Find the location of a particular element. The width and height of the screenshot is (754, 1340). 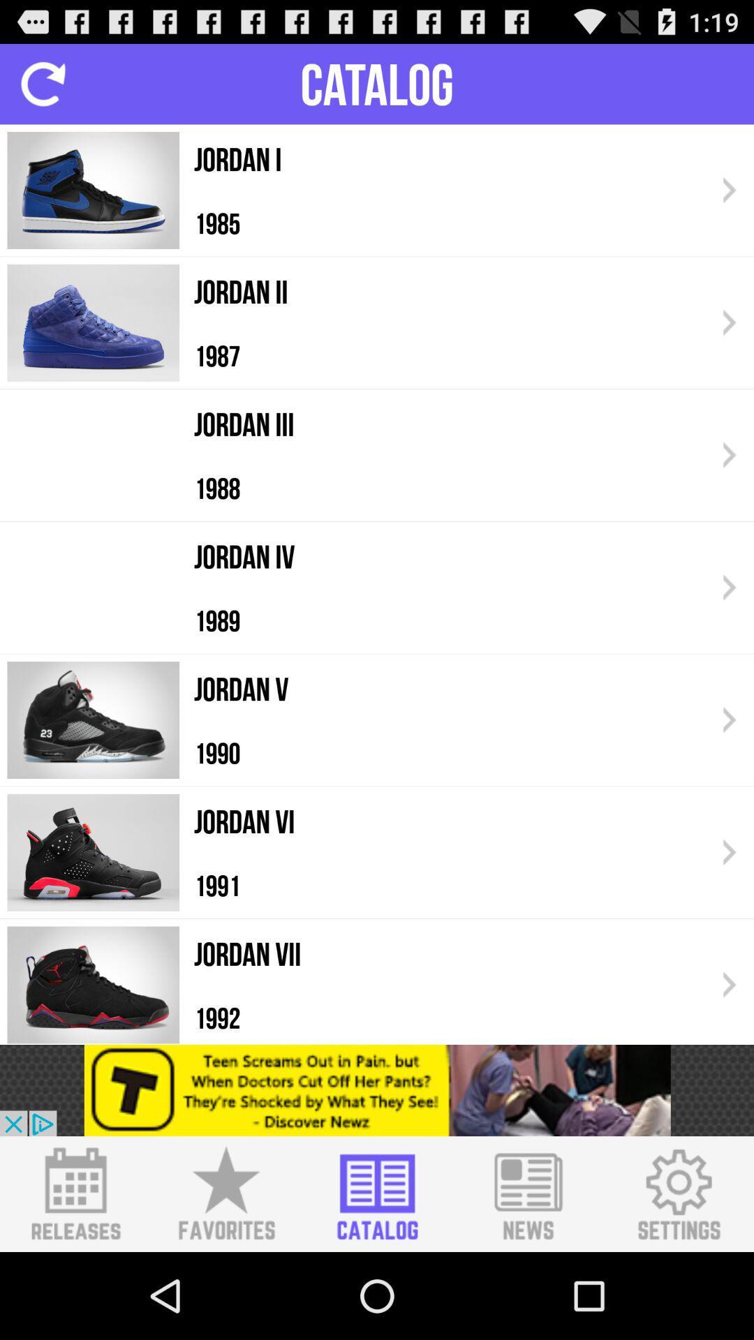

catalog is located at coordinates (377, 1193).